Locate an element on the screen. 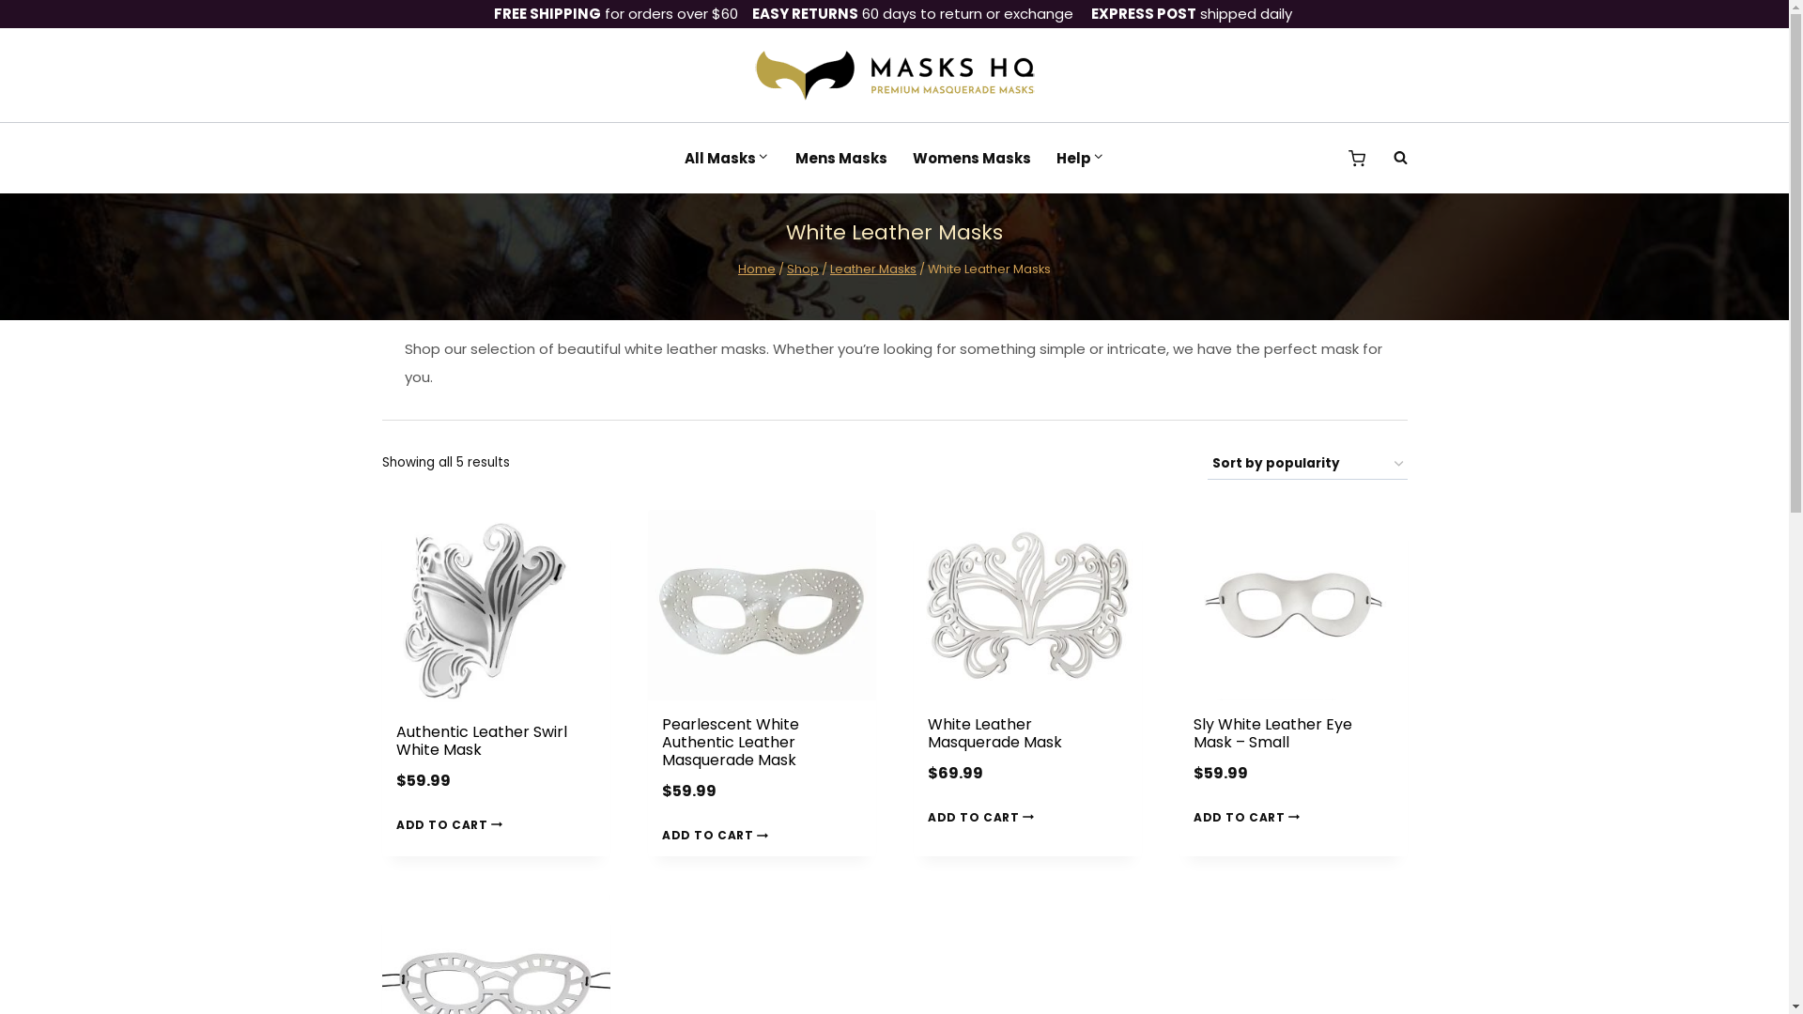  'Shop' is located at coordinates (802, 269).